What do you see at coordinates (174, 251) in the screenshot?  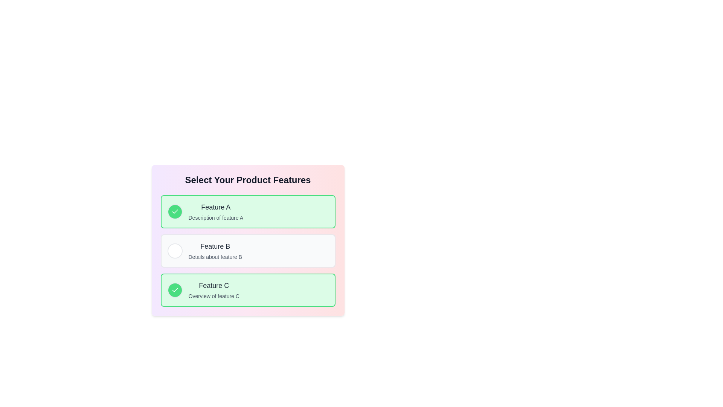 I see `the button located to the left of the 'Feature B' title` at bounding box center [174, 251].